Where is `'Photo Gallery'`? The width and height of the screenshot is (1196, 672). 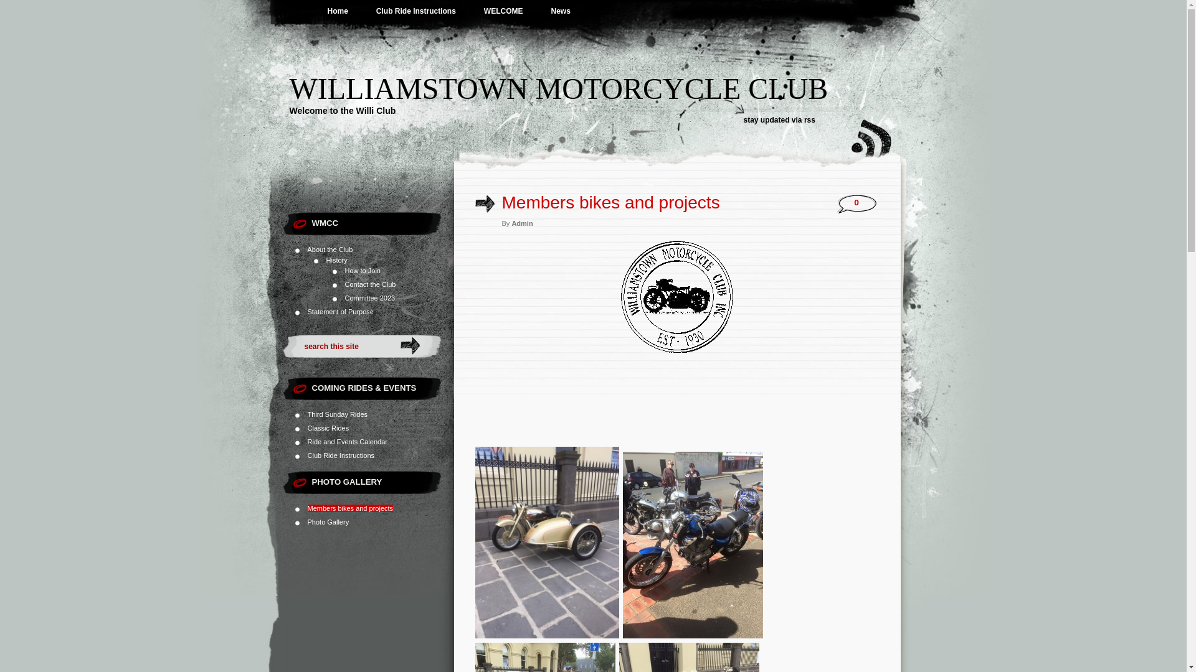
'Photo Gallery' is located at coordinates (328, 522).